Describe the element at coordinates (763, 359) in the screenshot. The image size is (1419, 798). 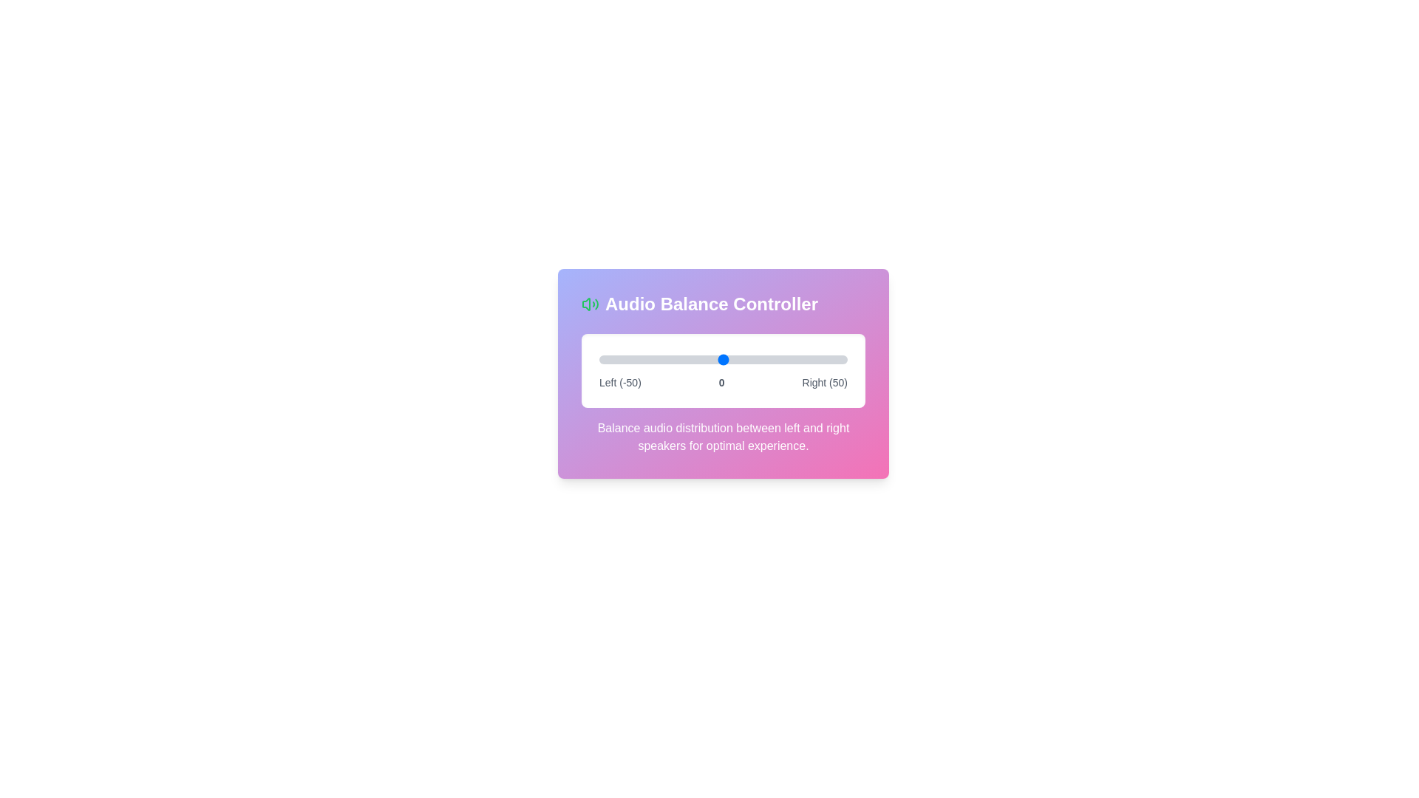
I see `the balance slider to set the audio balance to 16` at that location.